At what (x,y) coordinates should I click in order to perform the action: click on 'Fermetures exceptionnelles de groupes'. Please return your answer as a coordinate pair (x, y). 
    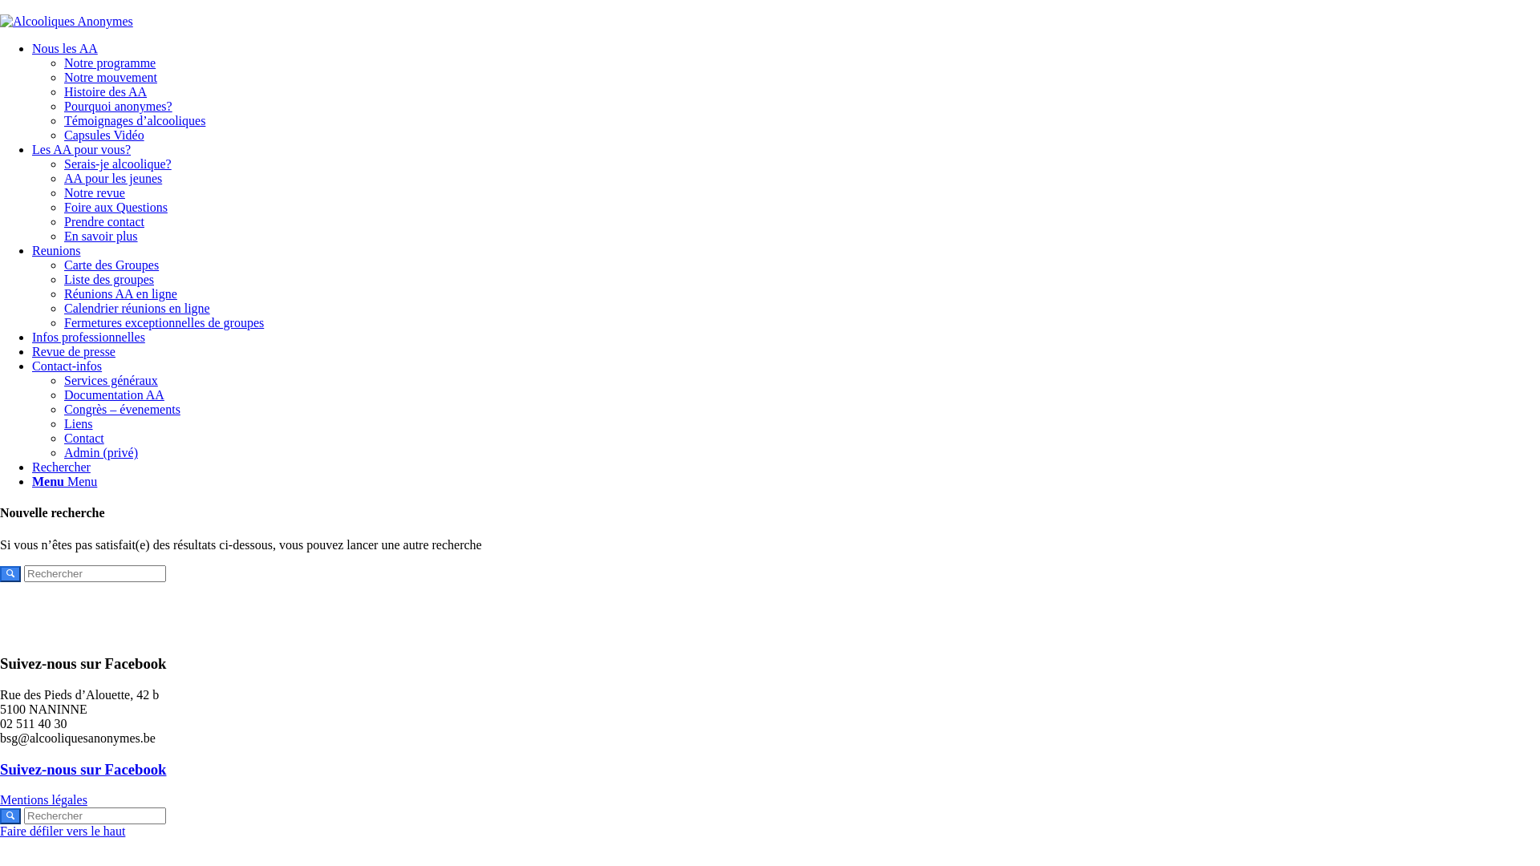
    Looking at the image, I should click on (164, 322).